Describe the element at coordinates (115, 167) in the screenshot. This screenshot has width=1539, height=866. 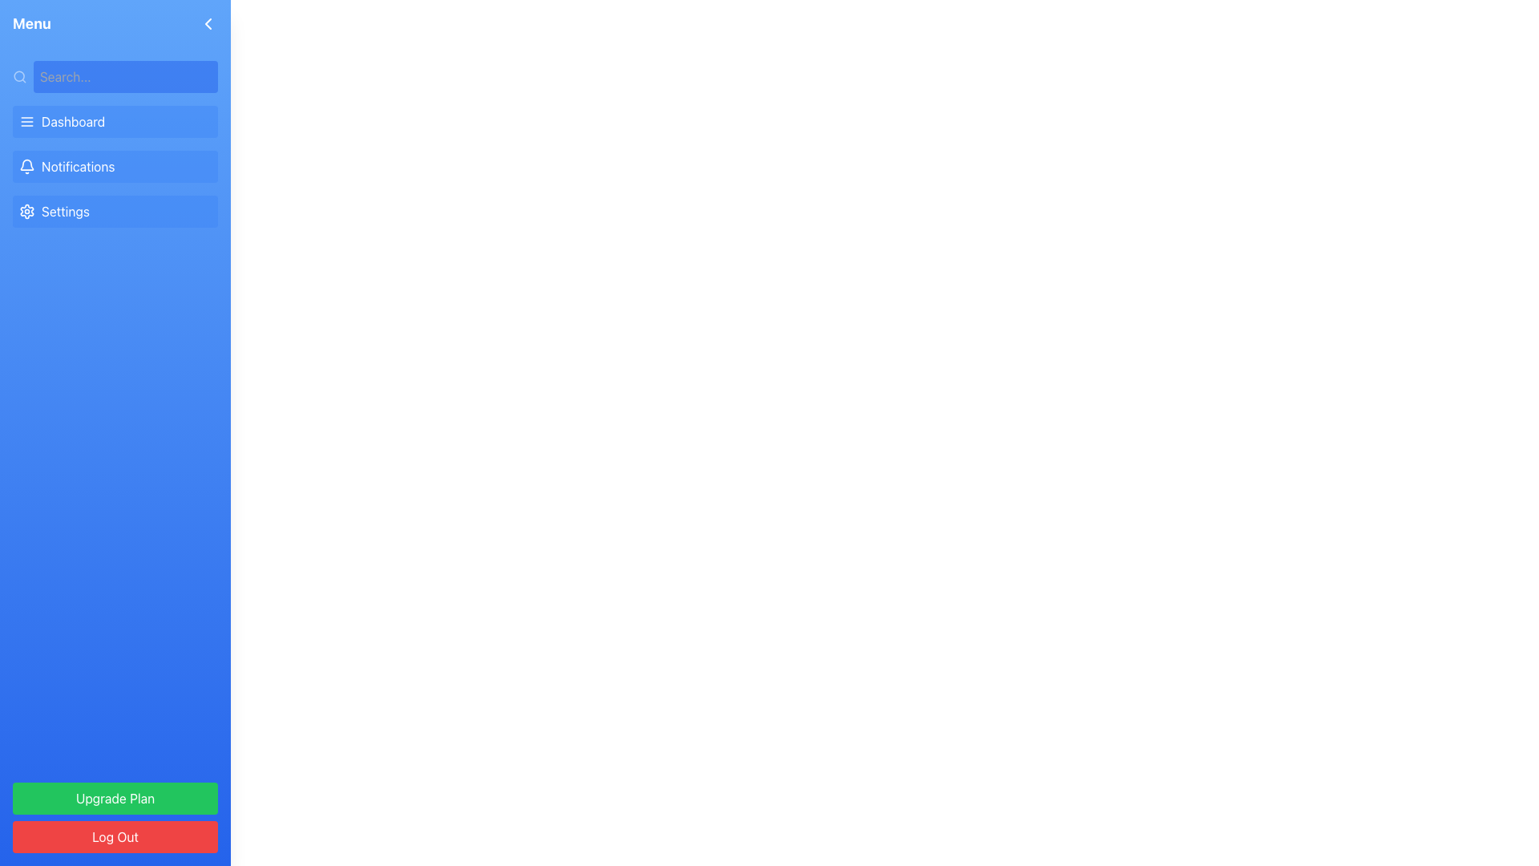
I see `the second menu item in the sidebar, which is located between 'Dashboard' and 'Settings'` at that location.